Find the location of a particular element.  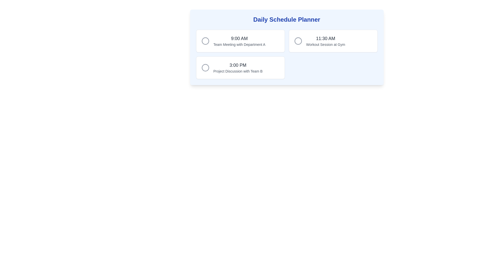

the text label that provides details about the scheduled event located under the '3:00 PM' text within the third card of the scheduler's options in the right column is located at coordinates (238, 71).